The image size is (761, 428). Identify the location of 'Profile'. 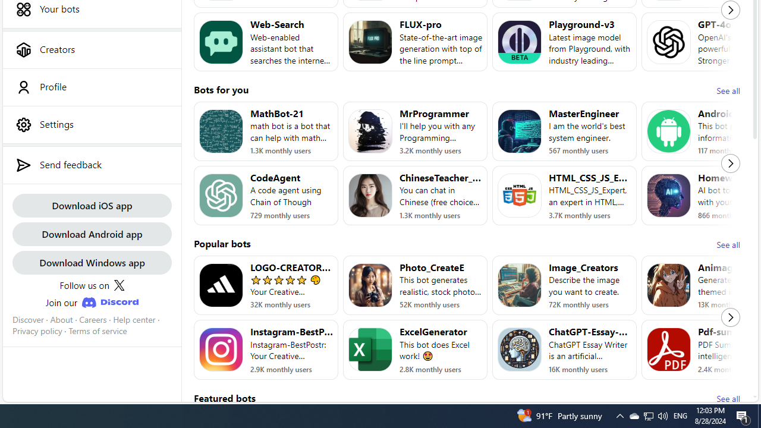
(91, 86).